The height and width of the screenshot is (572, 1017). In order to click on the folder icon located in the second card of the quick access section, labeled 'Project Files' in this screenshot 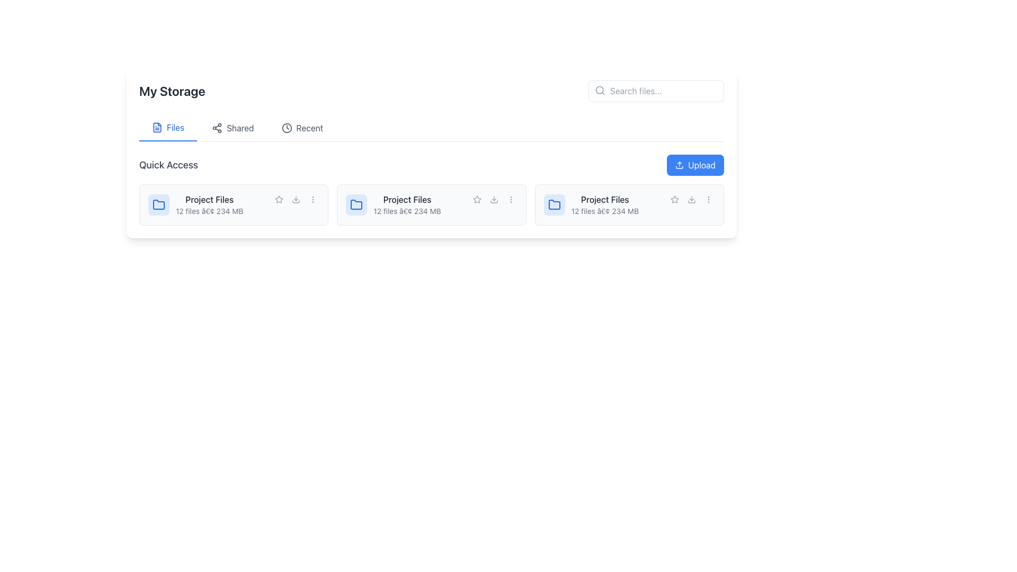, I will do `click(356, 204)`.